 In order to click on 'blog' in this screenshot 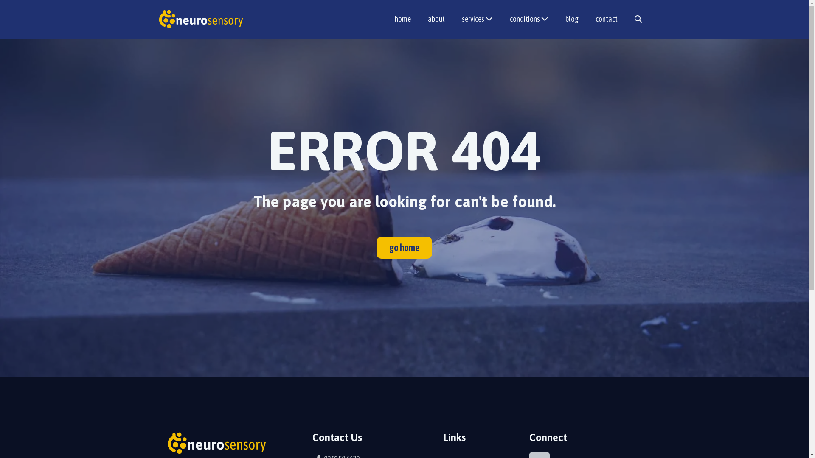, I will do `click(556, 19)`.